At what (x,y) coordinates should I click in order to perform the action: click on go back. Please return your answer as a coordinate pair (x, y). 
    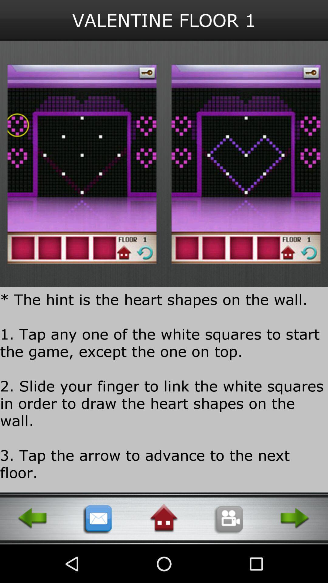
    Looking at the image, I should click on (33, 518).